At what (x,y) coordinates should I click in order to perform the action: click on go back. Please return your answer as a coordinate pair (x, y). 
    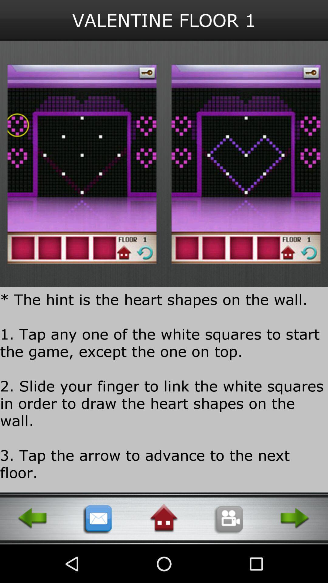
    Looking at the image, I should click on (33, 518).